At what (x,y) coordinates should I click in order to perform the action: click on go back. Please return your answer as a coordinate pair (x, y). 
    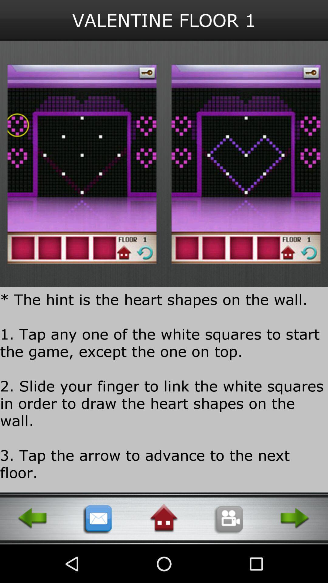
    Looking at the image, I should click on (33, 518).